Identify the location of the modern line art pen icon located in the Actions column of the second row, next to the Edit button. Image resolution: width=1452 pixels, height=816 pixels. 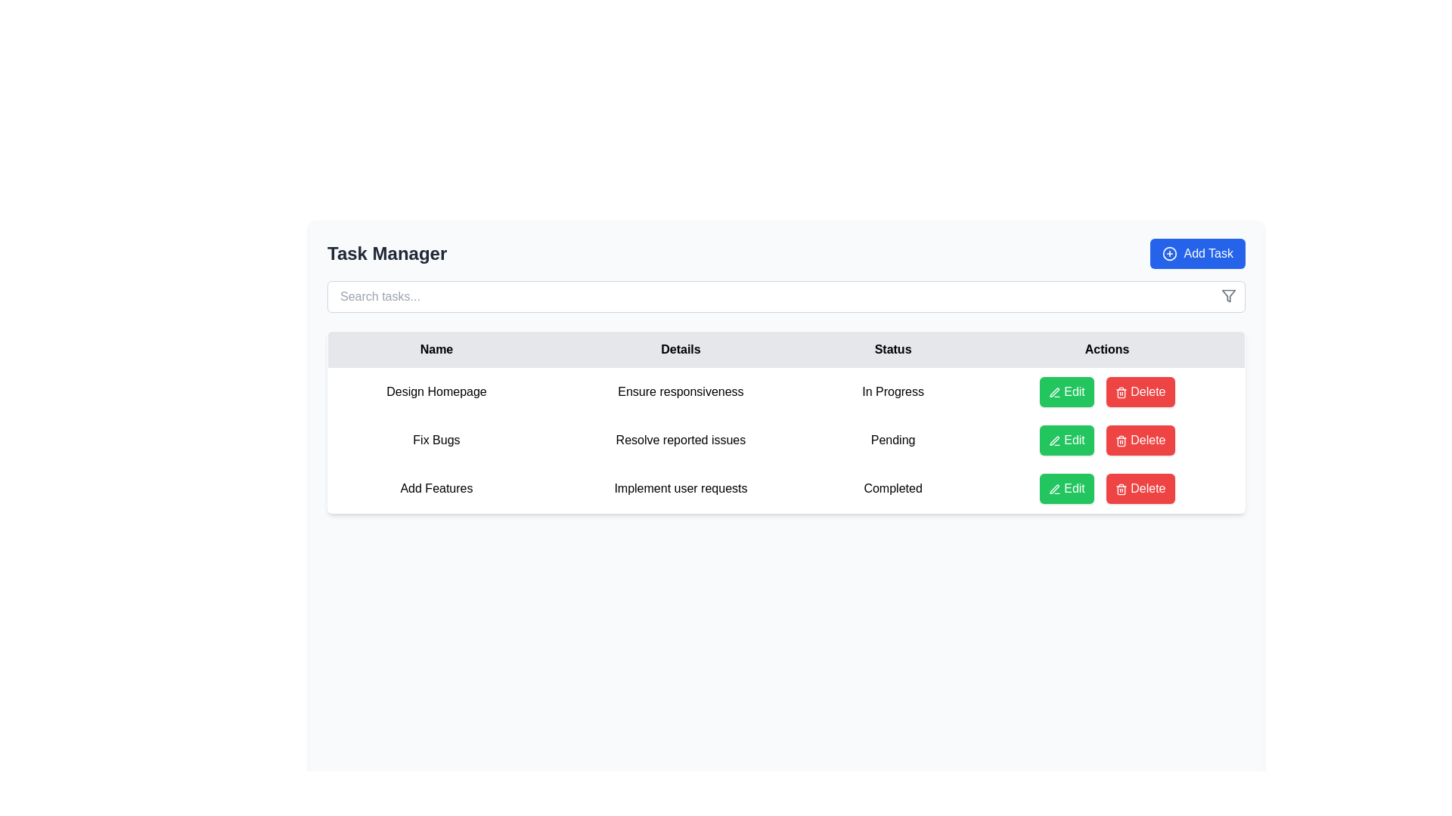
(1053, 391).